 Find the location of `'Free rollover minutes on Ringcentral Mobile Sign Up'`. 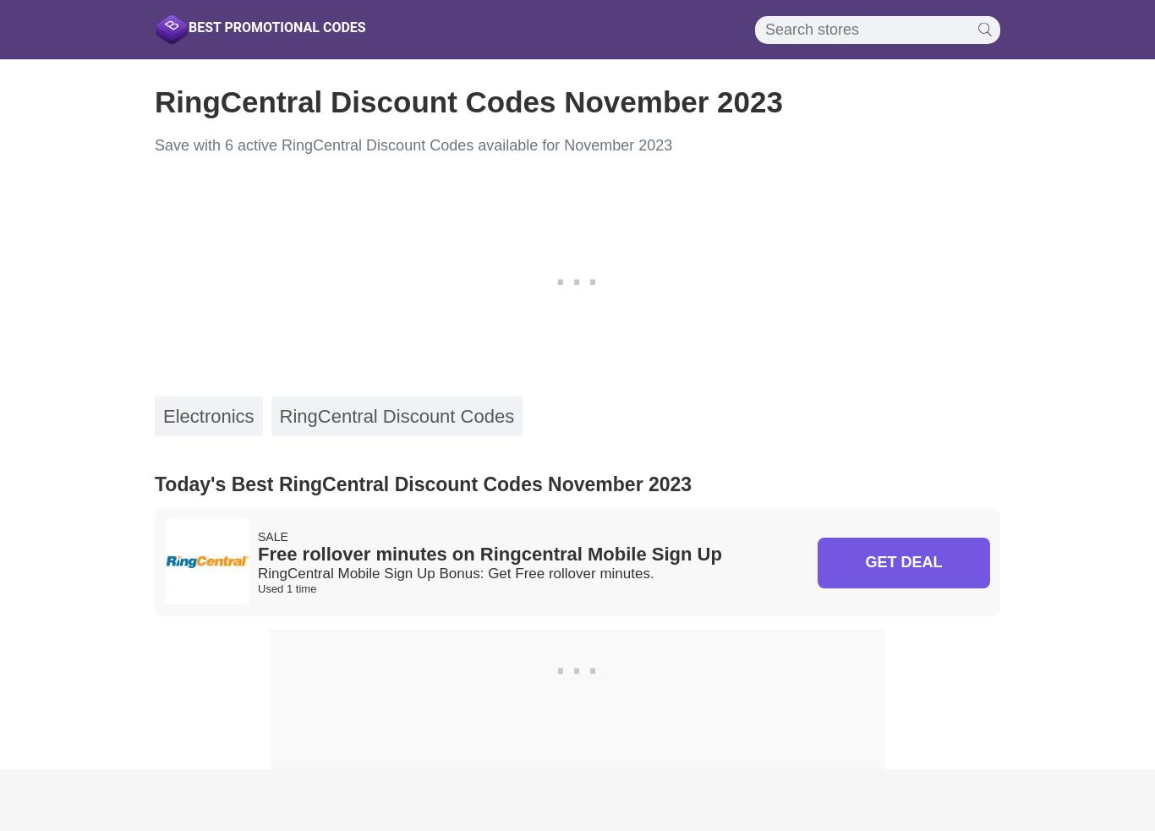

'Free rollover minutes on Ringcentral Mobile Sign Up' is located at coordinates (489, 554).